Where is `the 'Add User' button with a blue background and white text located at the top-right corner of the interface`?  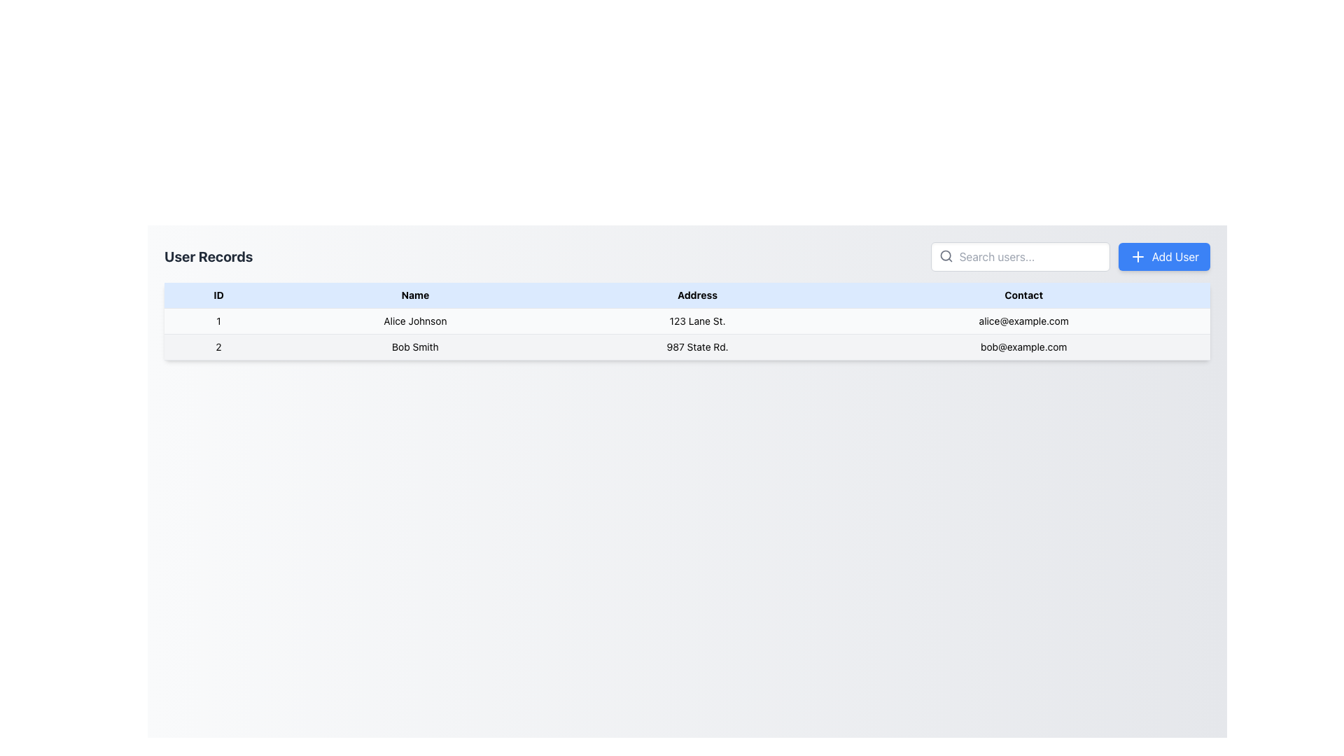 the 'Add User' button with a blue background and white text located at the top-right corner of the interface is located at coordinates (1164, 256).